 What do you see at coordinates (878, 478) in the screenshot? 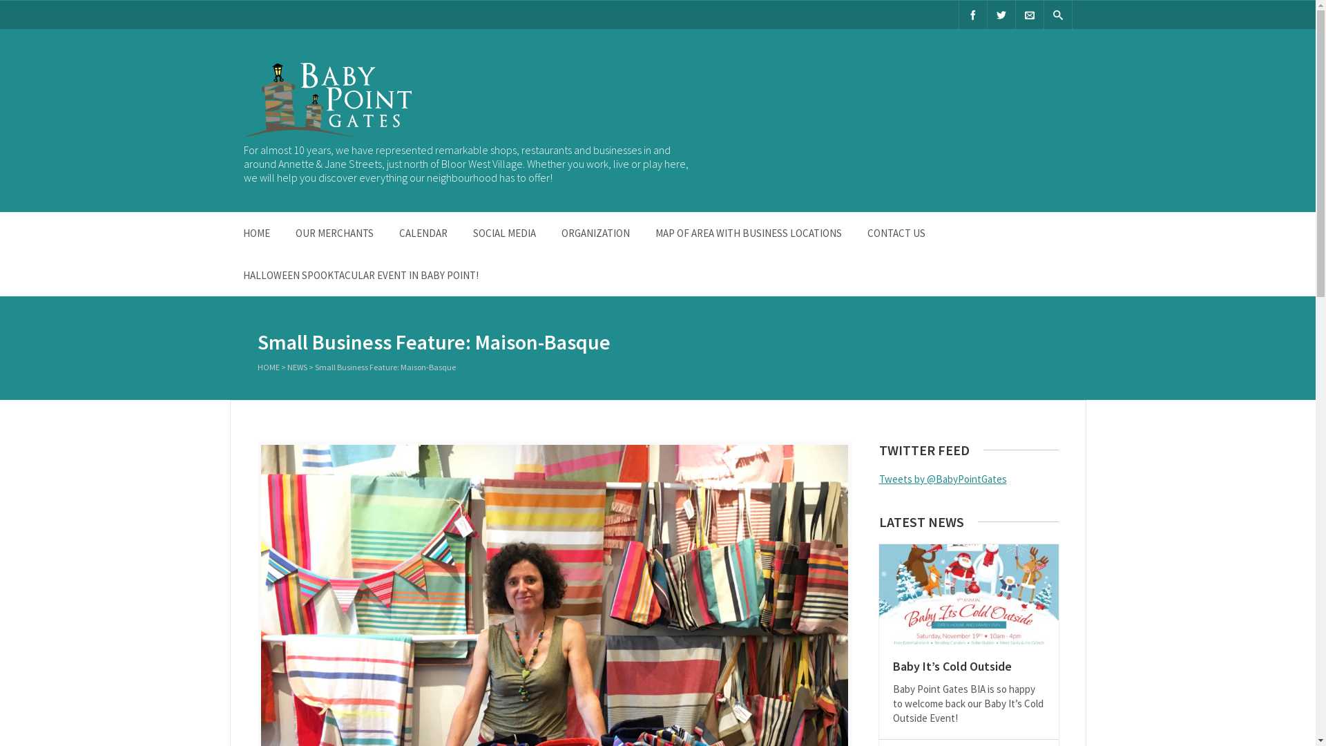
I see `'Tweets by @BabyPointGates'` at bounding box center [878, 478].